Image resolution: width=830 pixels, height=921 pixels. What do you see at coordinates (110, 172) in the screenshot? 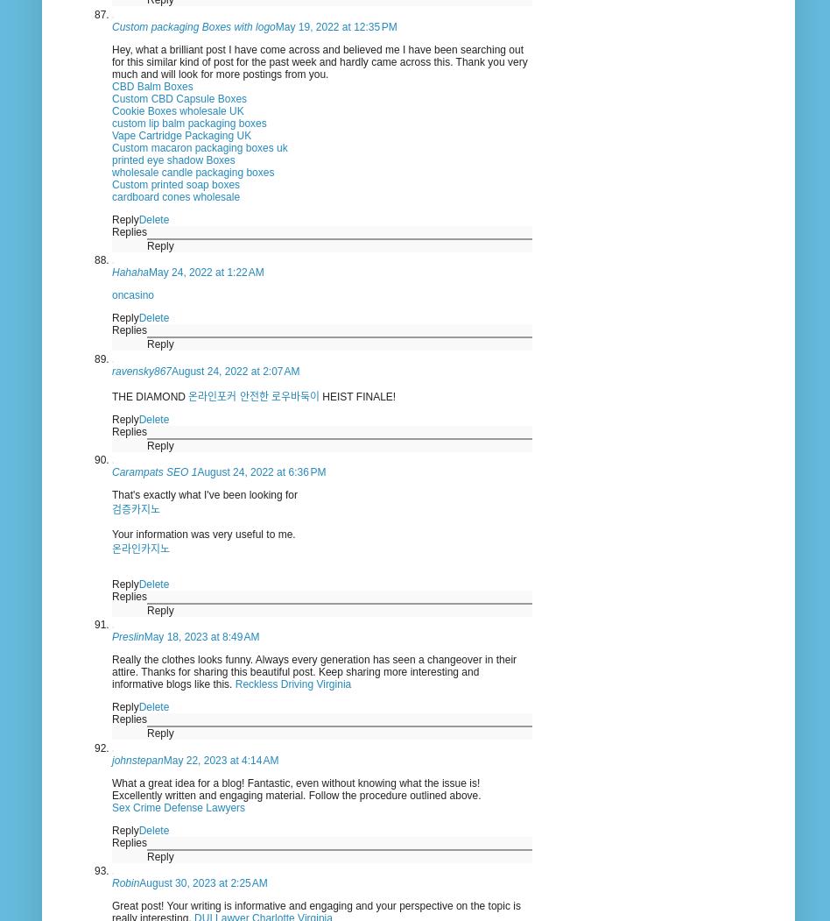
I see `'wholesale candle packaging boxes'` at bounding box center [110, 172].